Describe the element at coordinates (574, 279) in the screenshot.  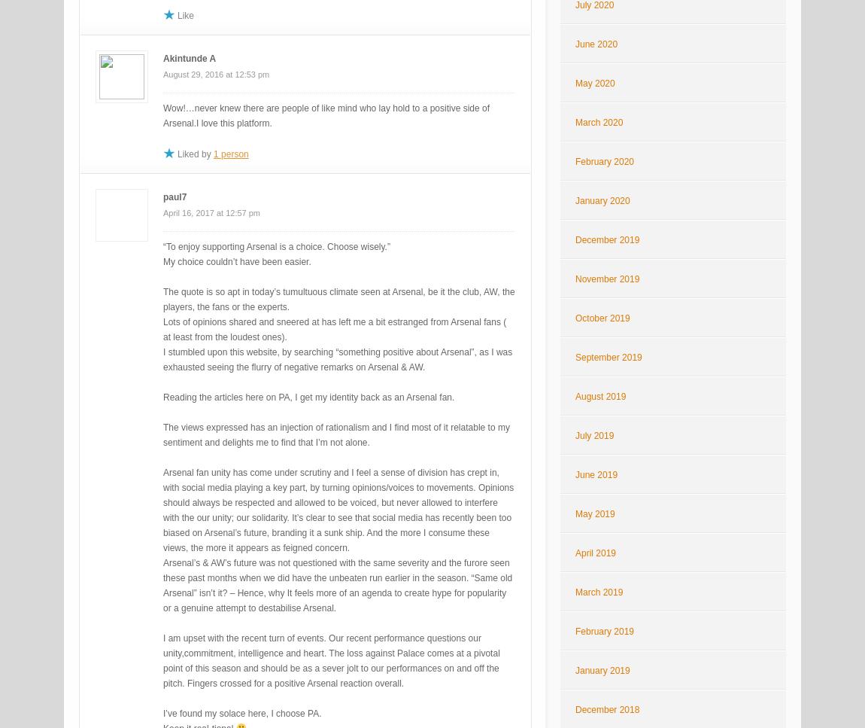
I see `'November 2019'` at that location.